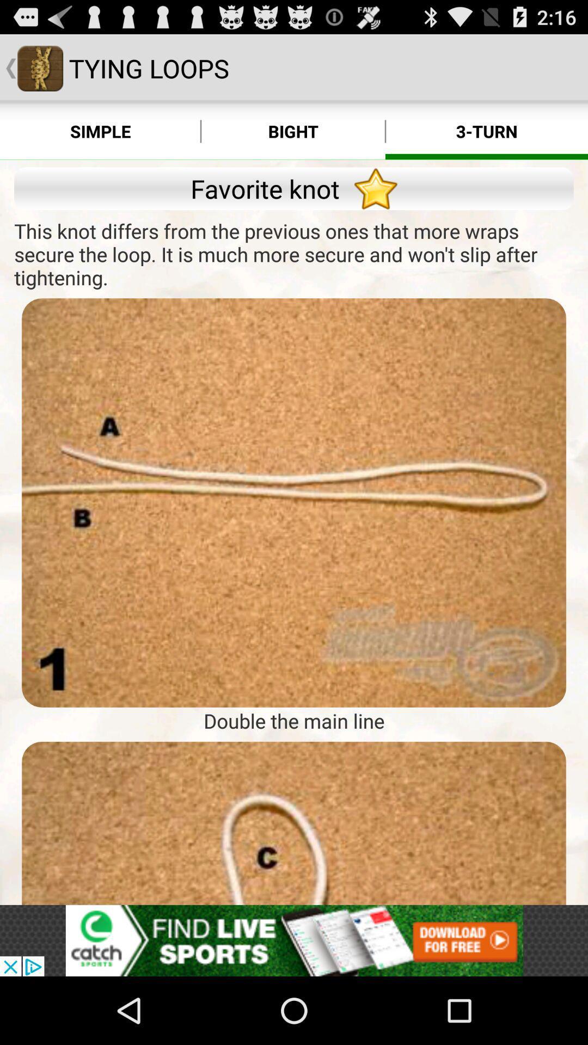  What do you see at coordinates (294, 823) in the screenshot?
I see `tag the double the main line` at bounding box center [294, 823].